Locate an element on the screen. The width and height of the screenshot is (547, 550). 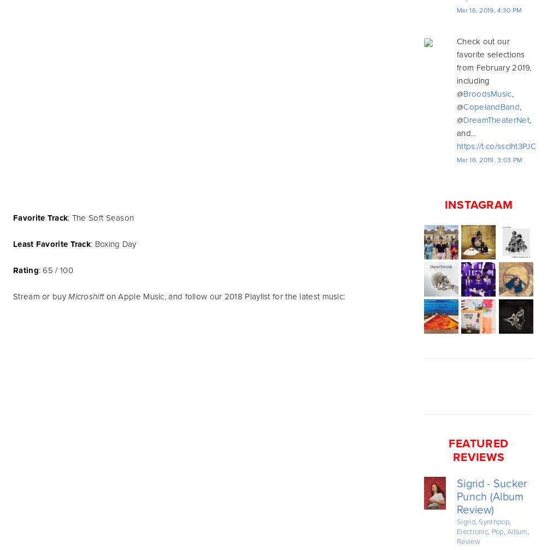
'https://t.co/sscIht3PJC' is located at coordinates (456, 146).